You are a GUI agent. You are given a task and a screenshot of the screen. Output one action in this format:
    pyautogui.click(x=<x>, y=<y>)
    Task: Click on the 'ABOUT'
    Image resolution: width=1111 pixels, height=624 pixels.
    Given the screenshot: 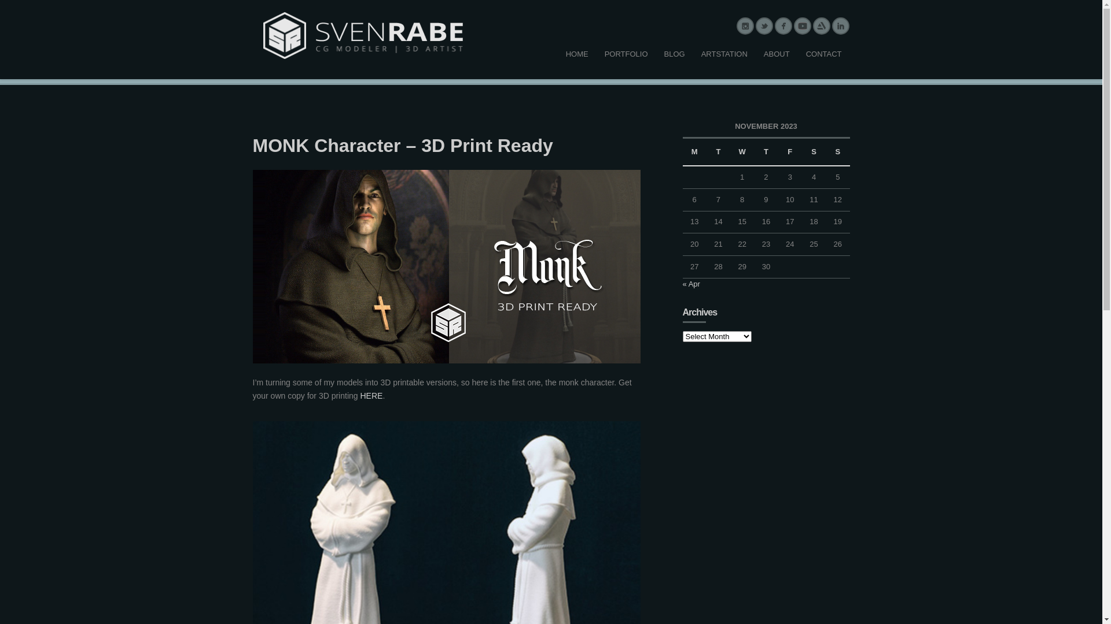 What is the action you would take?
    pyautogui.click(x=755, y=54)
    